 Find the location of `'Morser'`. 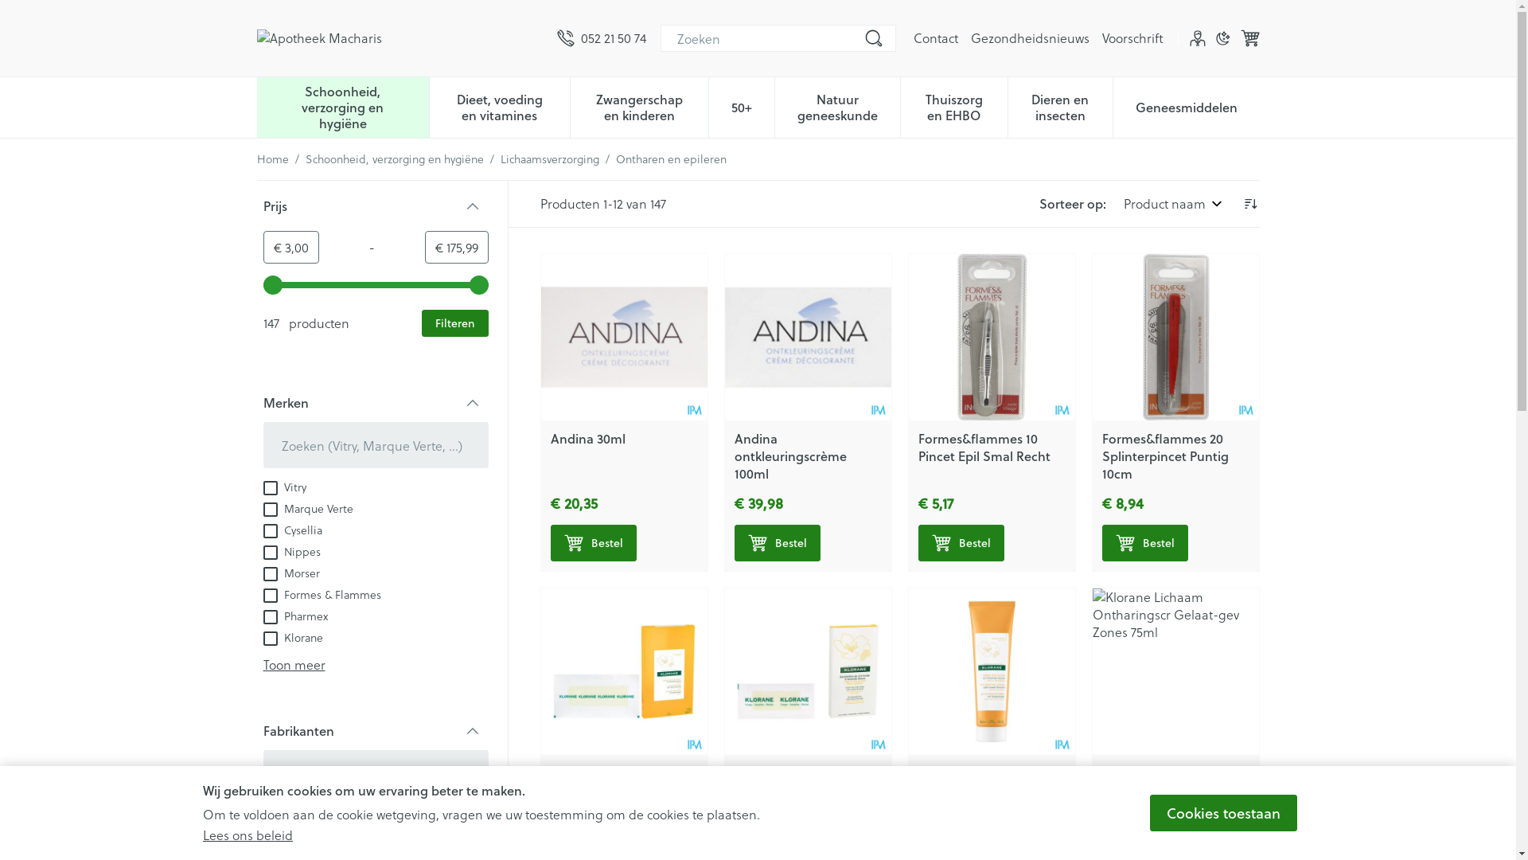

'Morser' is located at coordinates (290, 571).